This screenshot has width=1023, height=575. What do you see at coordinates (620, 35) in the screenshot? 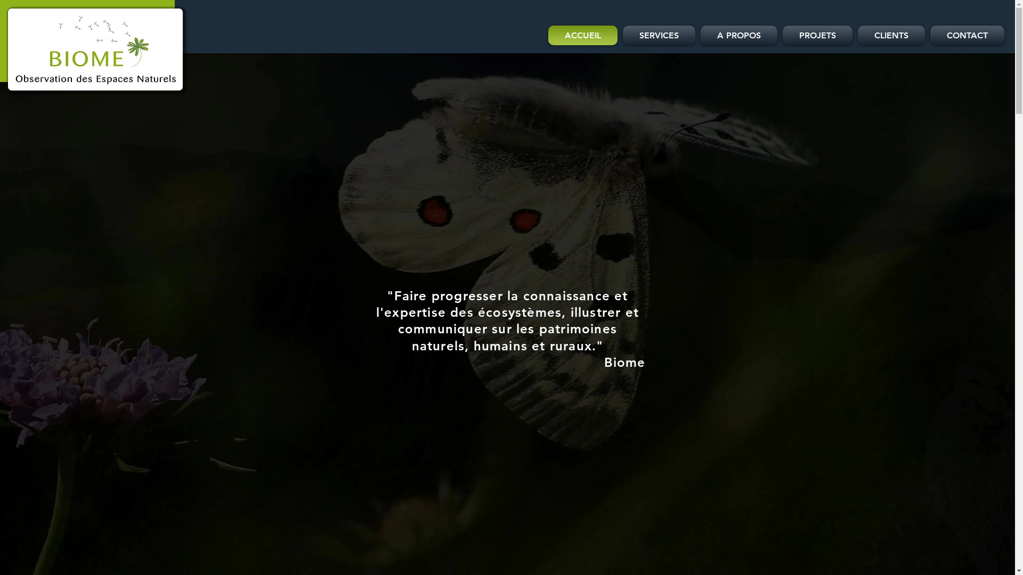
I see `'SERVICES'` at bounding box center [620, 35].